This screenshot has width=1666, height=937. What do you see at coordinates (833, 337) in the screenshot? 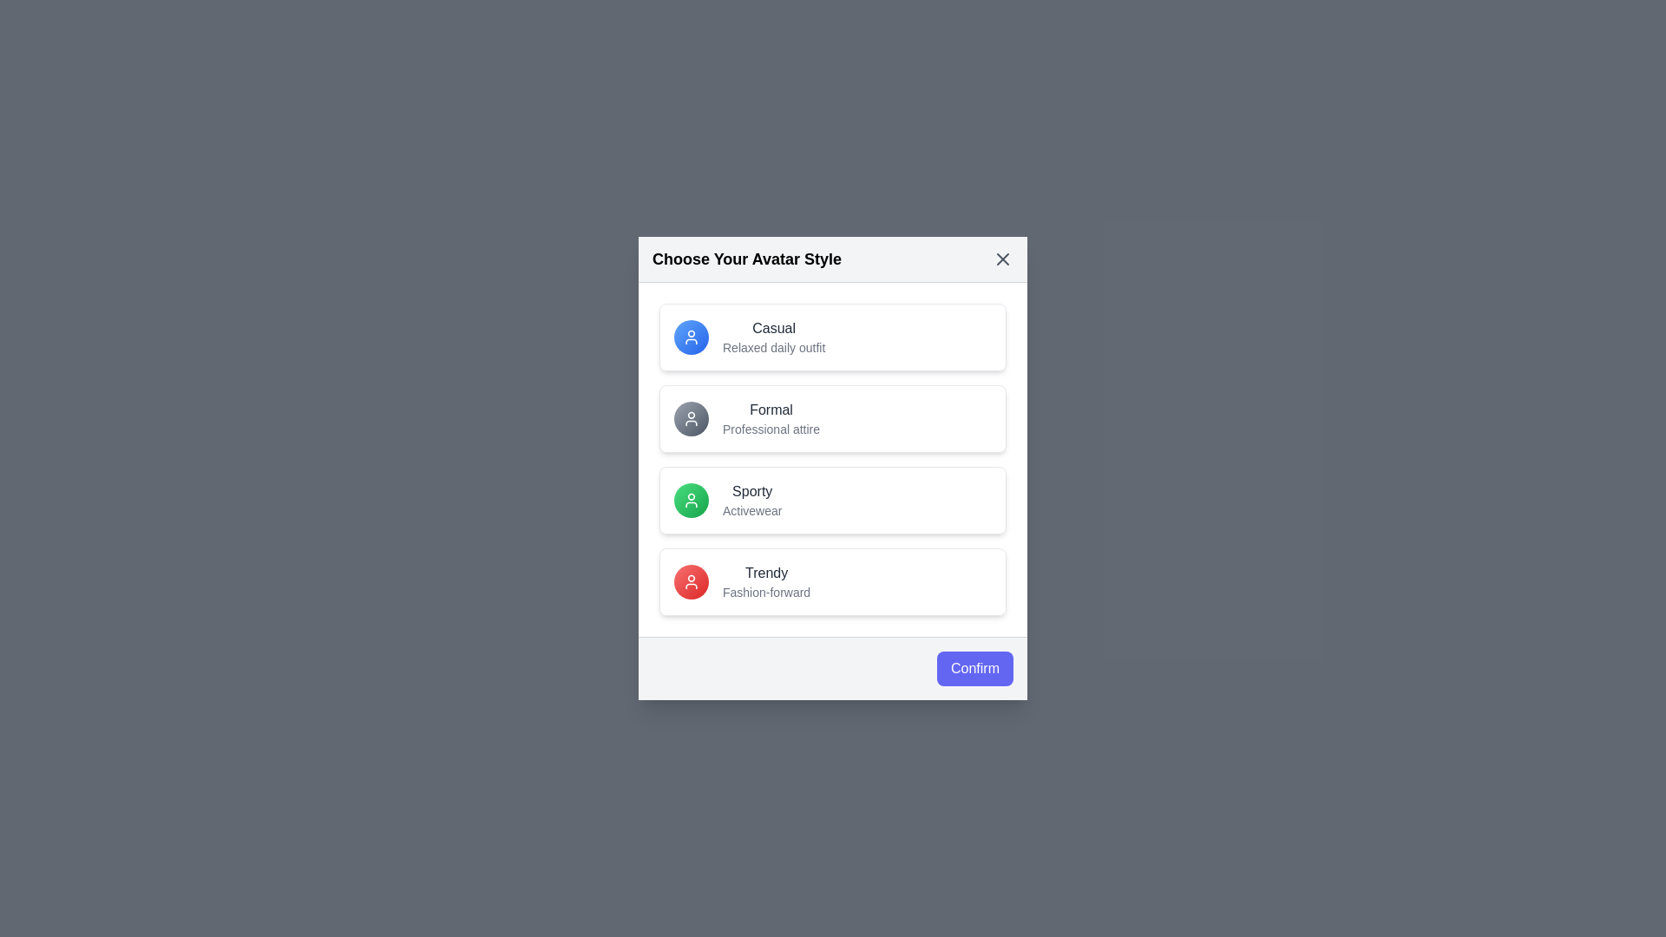
I see `the avatar with style Casual` at bounding box center [833, 337].